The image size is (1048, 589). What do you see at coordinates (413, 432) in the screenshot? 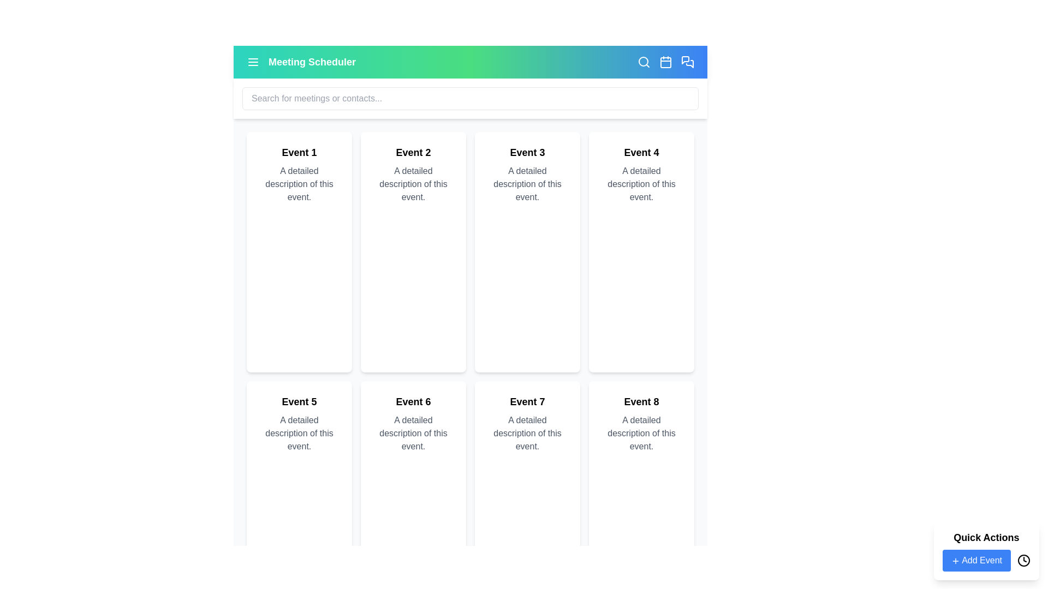
I see `static descriptive text located directly below the title 'Event 6' in the bottom row card layout, second from the left` at bounding box center [413, 432].